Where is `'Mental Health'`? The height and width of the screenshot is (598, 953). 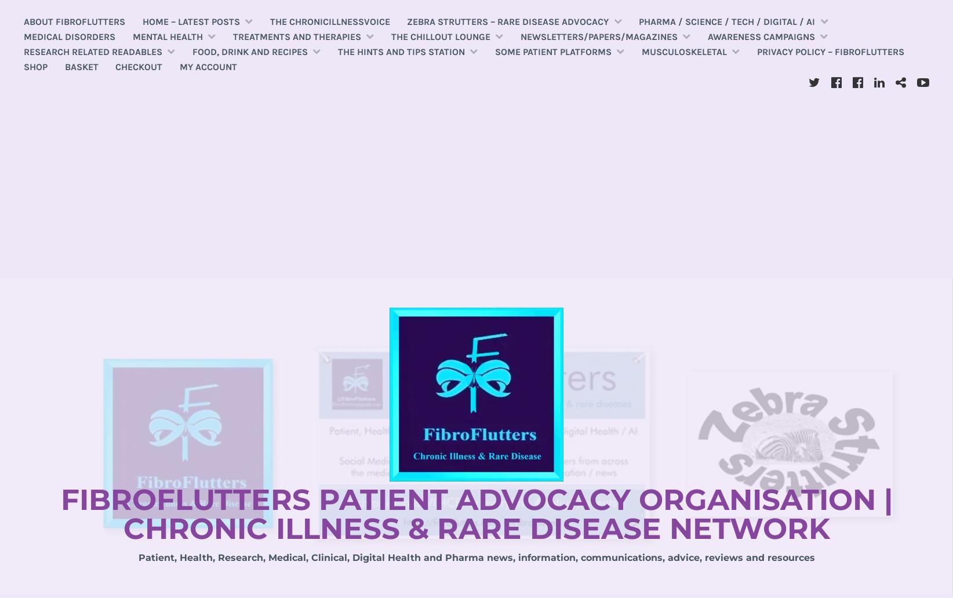
'Mental Health' is located at coordinates (167, 36).